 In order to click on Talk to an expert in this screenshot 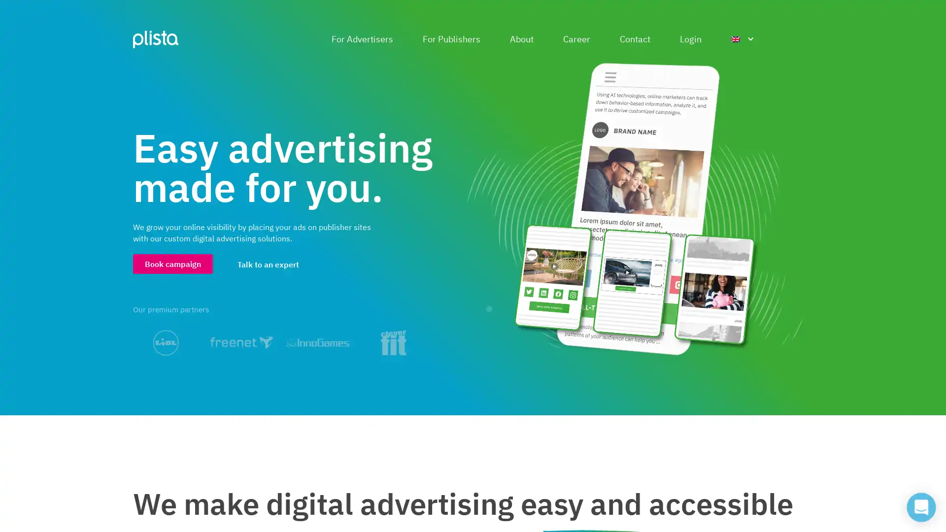, I will do `click(268, 264)`.